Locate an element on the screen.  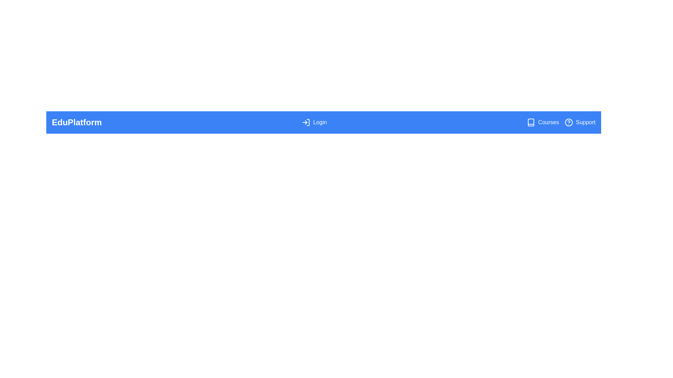
the small vector graphics icon resembling an arrow pointing to the right inside an open bracket, located in the navigation bar adjacent to the 'Login' text is located at coordinates (306, 122).